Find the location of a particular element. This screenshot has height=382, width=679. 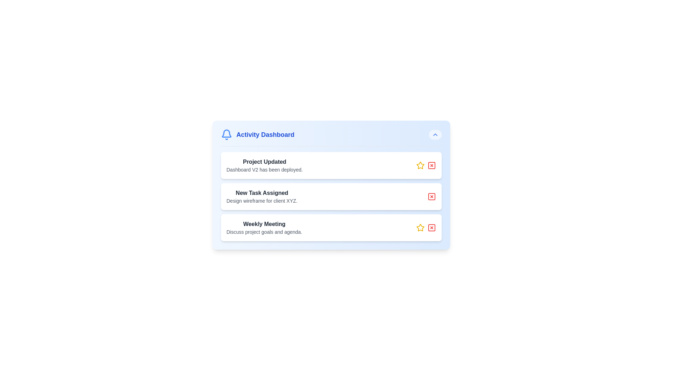

the static text block that displays information about a scheduled event or task, located in the third card from the top in the 'Activity Dashboard' panel is located at coordinates (264, 228).